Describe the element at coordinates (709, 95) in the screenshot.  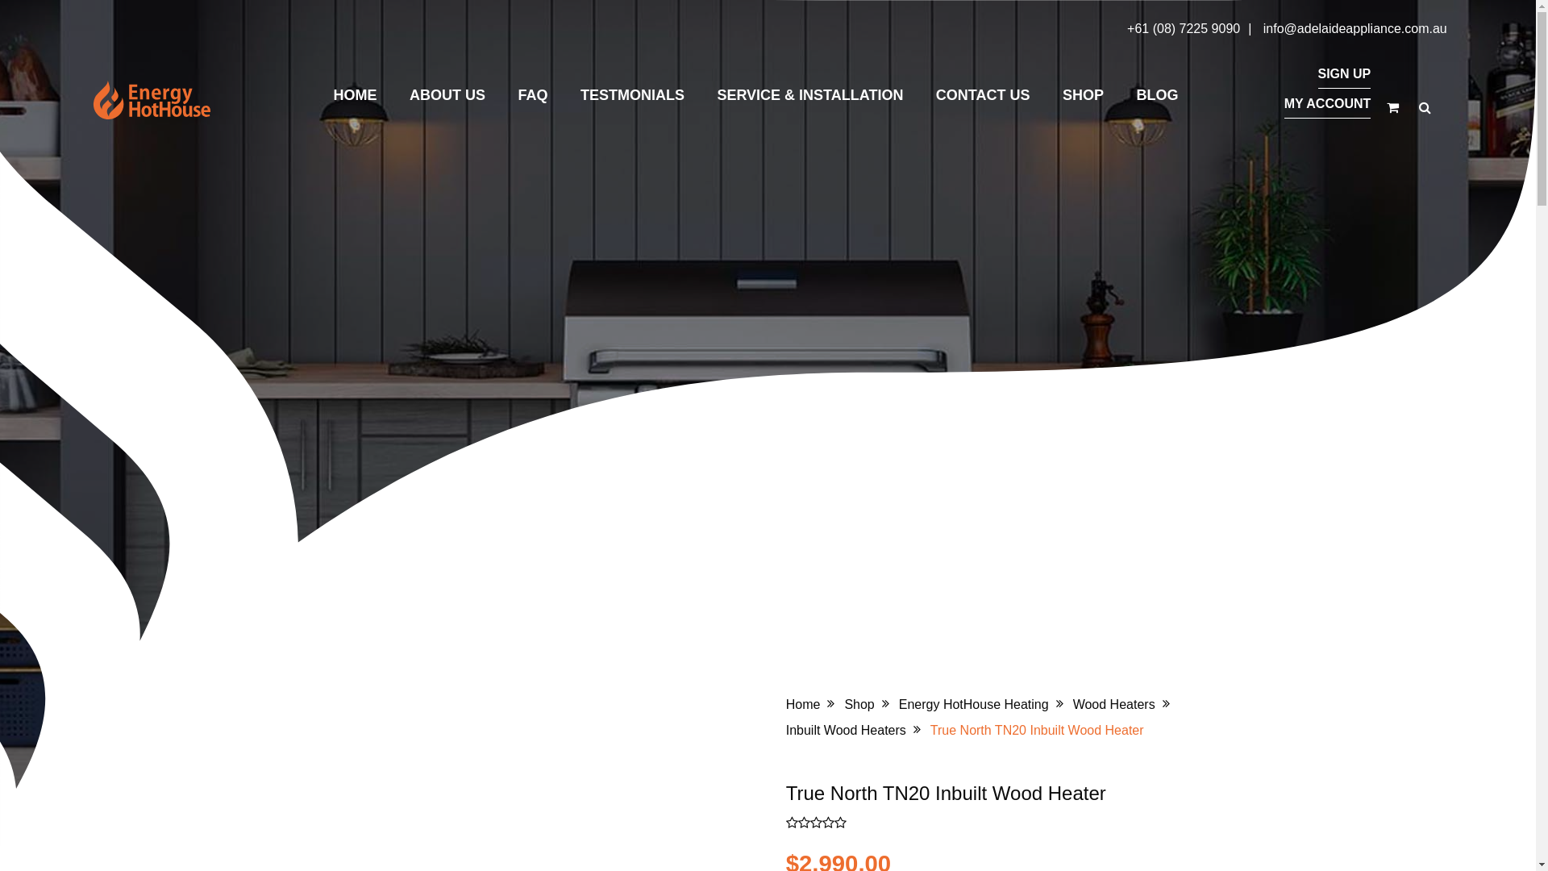
I see `'SERVICE & INSTALLATION'` at that location.